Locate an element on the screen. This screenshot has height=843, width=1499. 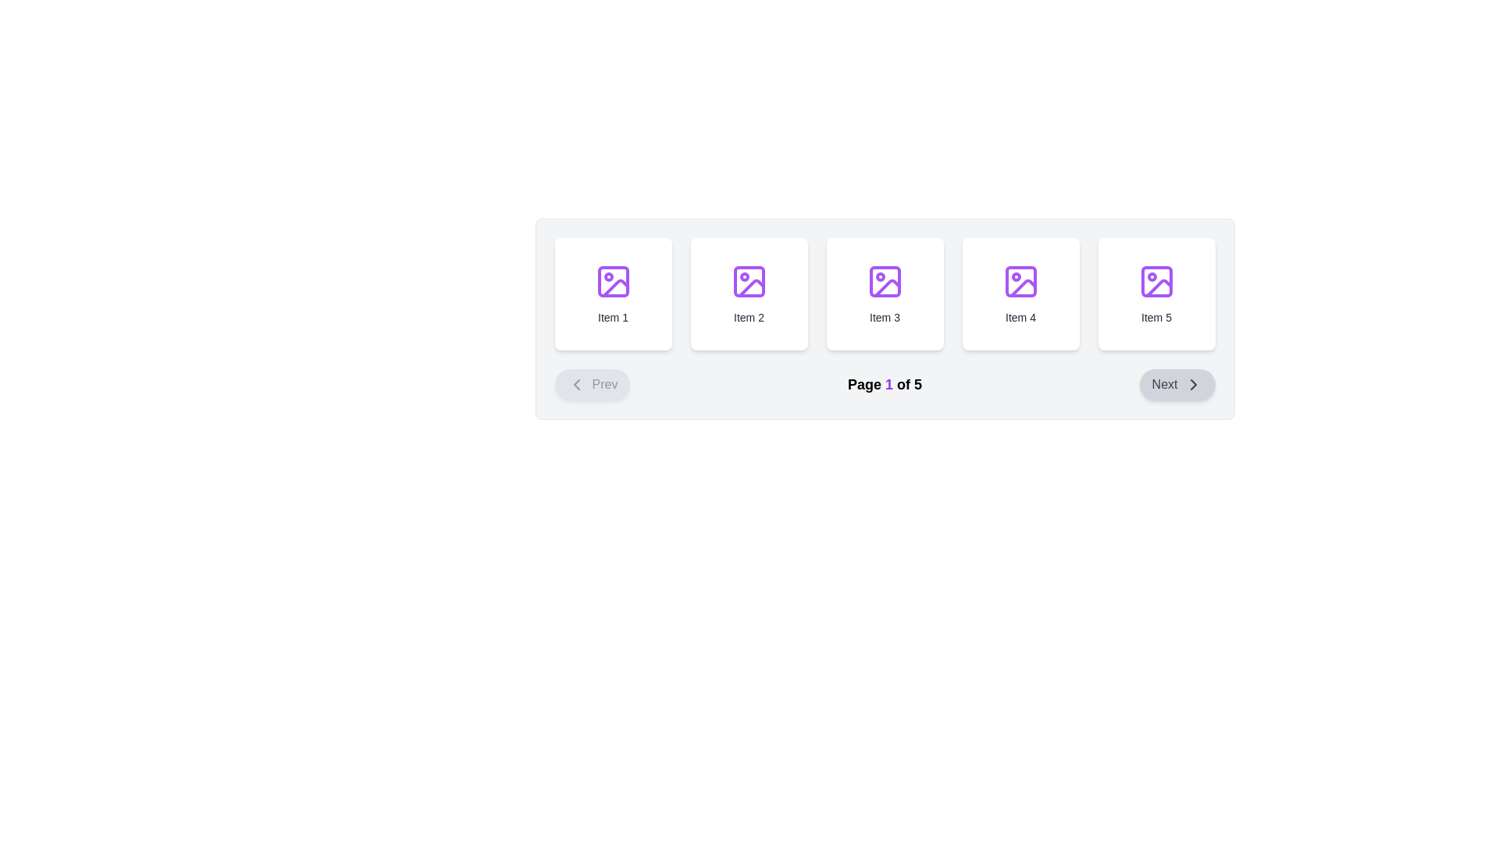
the SVG icon of an image with a circular detail and a mountain line, styled in purple, located within the card labeled 'Item 3' is located at coordinates (885, 282).